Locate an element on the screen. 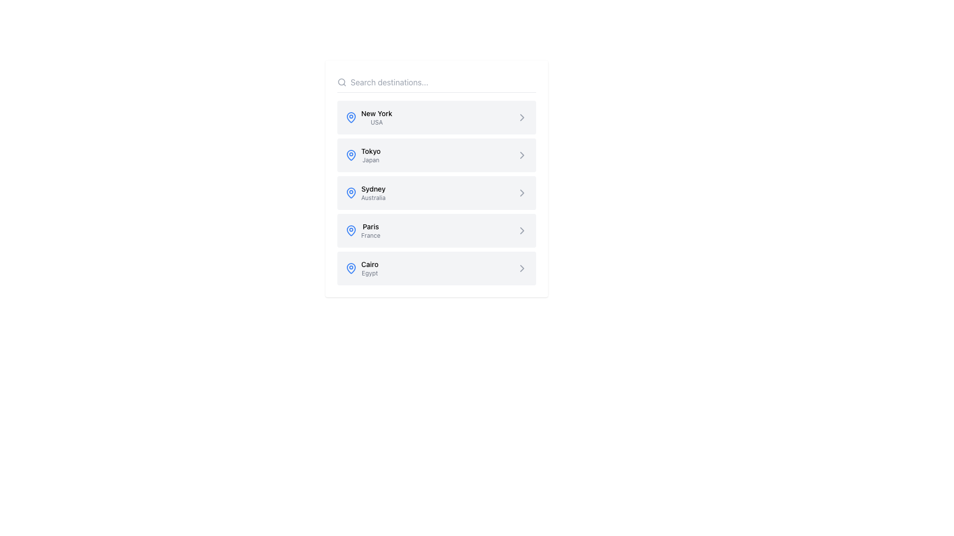 The height and width of the screenshot is (536, 954). the navigation icon located at the far-right end of the row labeled 'Sydney' and 'Australia' is located at coordinates (522, 193).